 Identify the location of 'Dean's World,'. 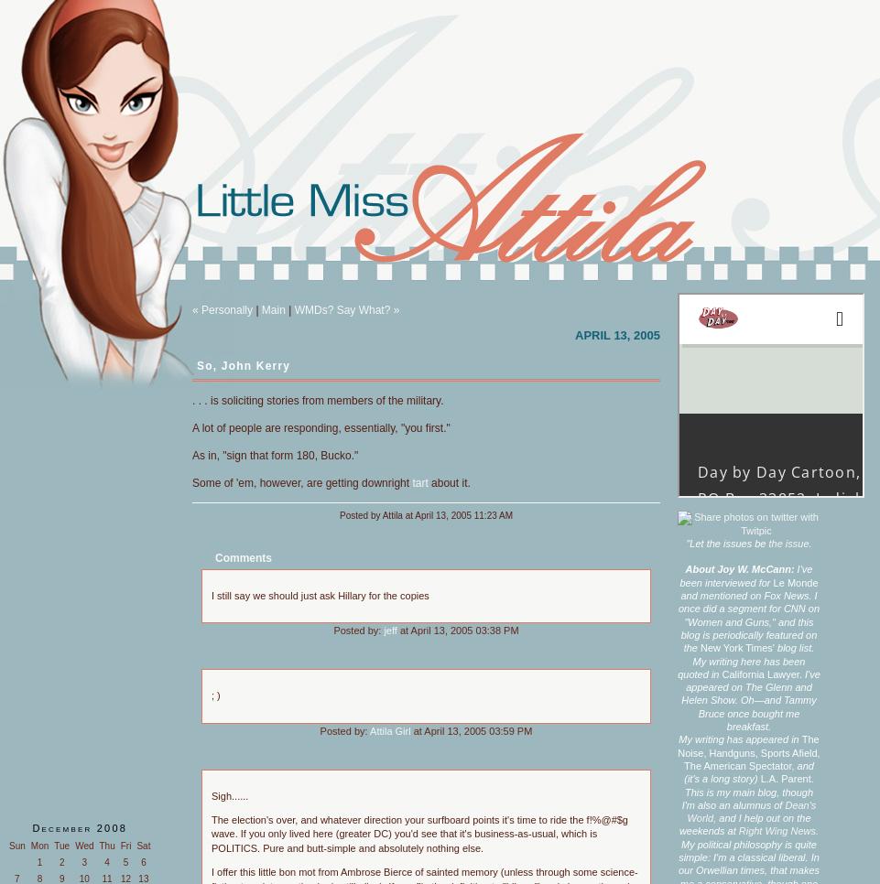
(751, 811).